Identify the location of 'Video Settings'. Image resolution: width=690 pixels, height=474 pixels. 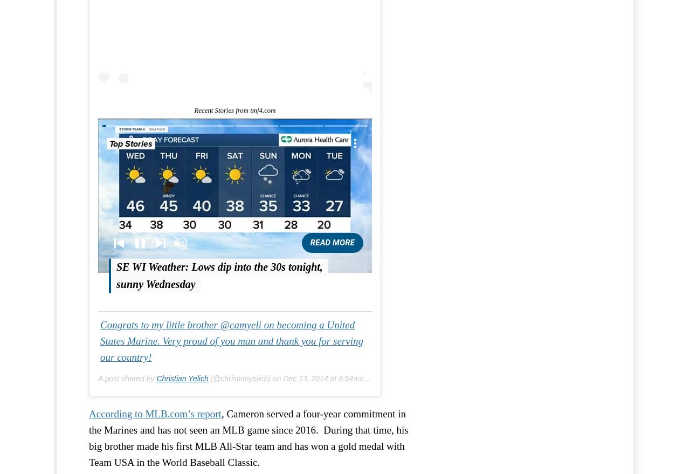
(189, 131).